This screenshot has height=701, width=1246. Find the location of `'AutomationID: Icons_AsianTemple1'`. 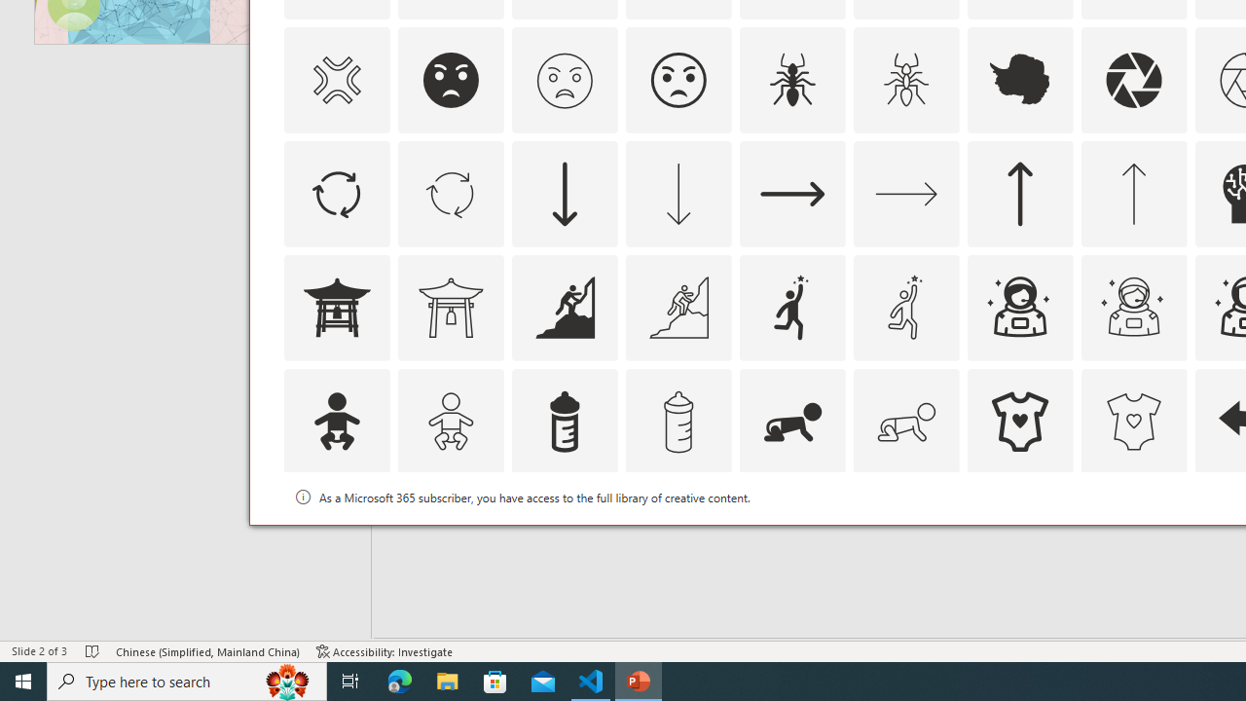

'AutomationID: Icons_AsianTemple1' is located at coordinates (336, 307).